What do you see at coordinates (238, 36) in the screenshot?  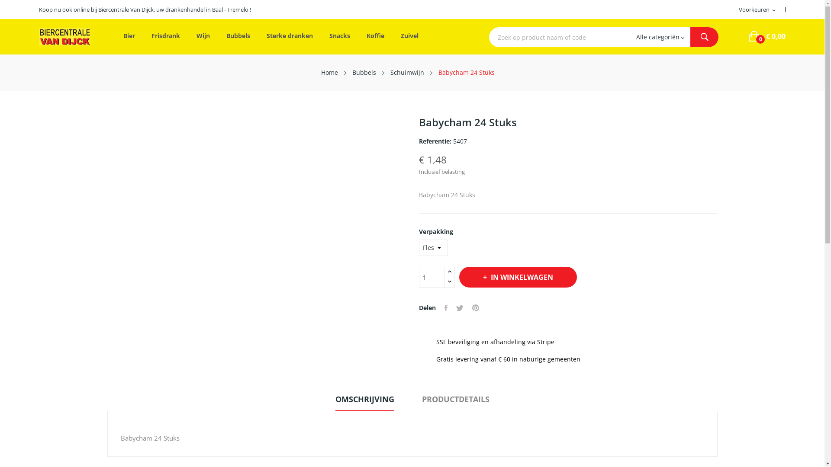 I see `'Bubbels'` at bounding box center [238, 36].